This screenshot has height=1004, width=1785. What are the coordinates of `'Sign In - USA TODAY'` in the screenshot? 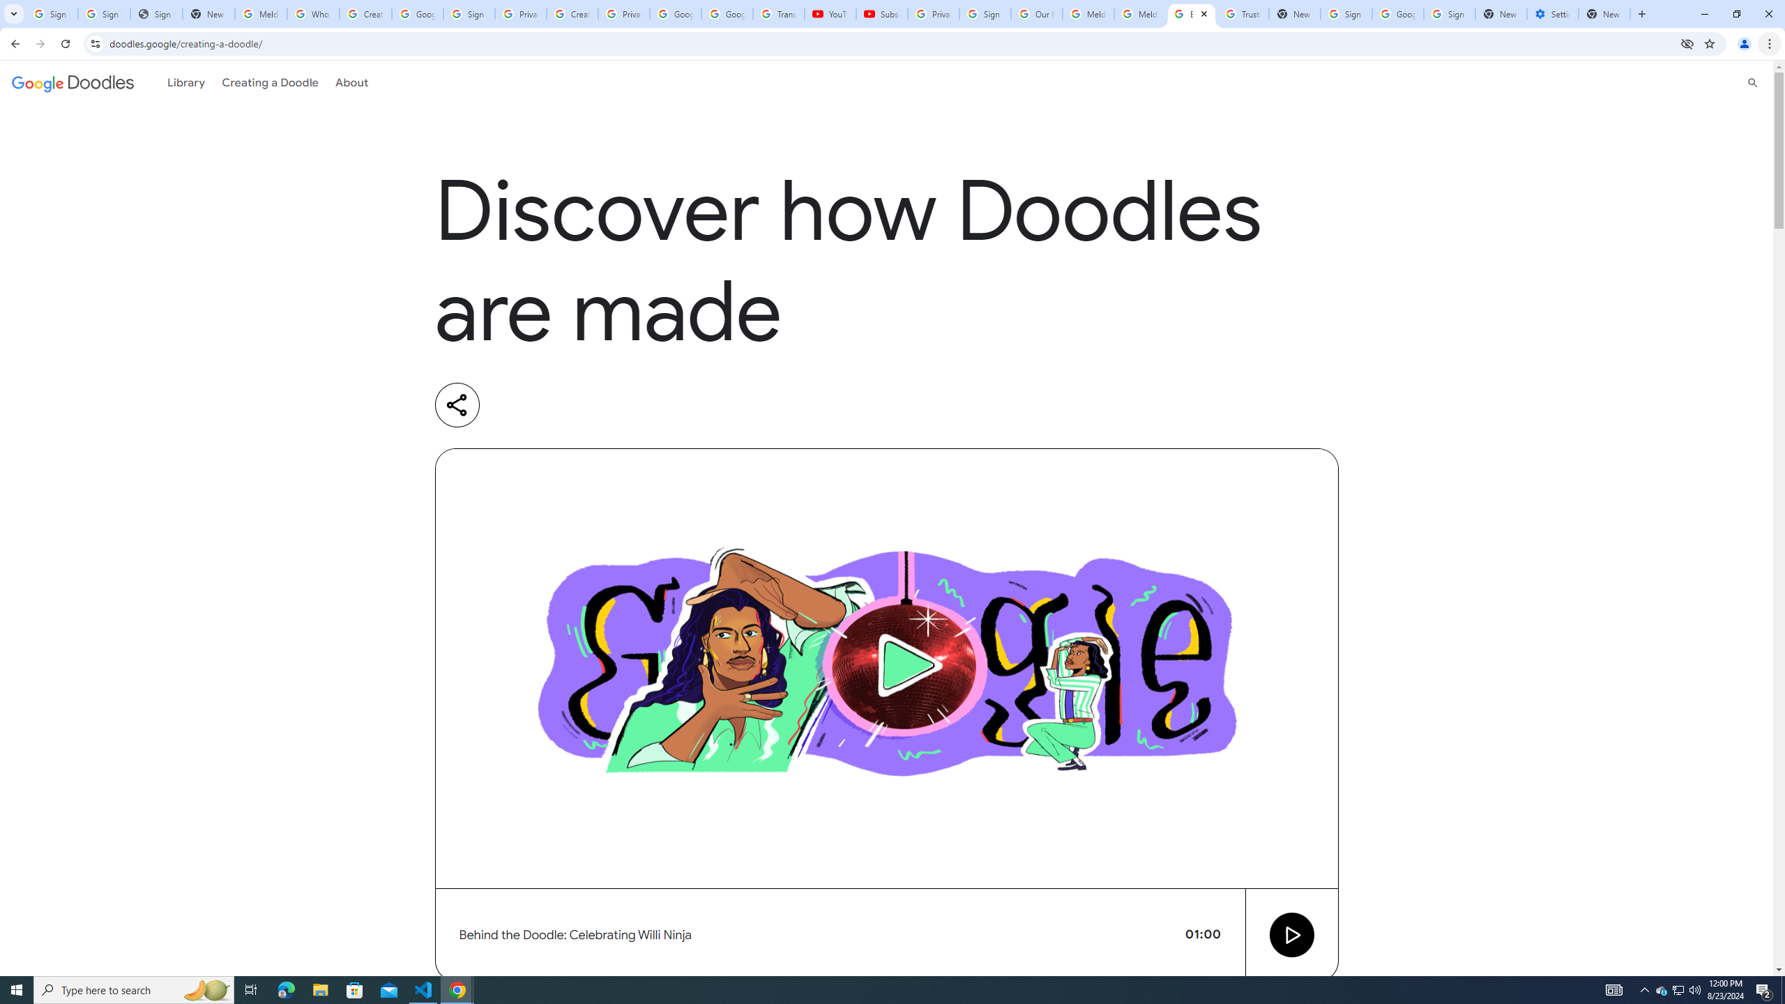 It's located at (156, 13).